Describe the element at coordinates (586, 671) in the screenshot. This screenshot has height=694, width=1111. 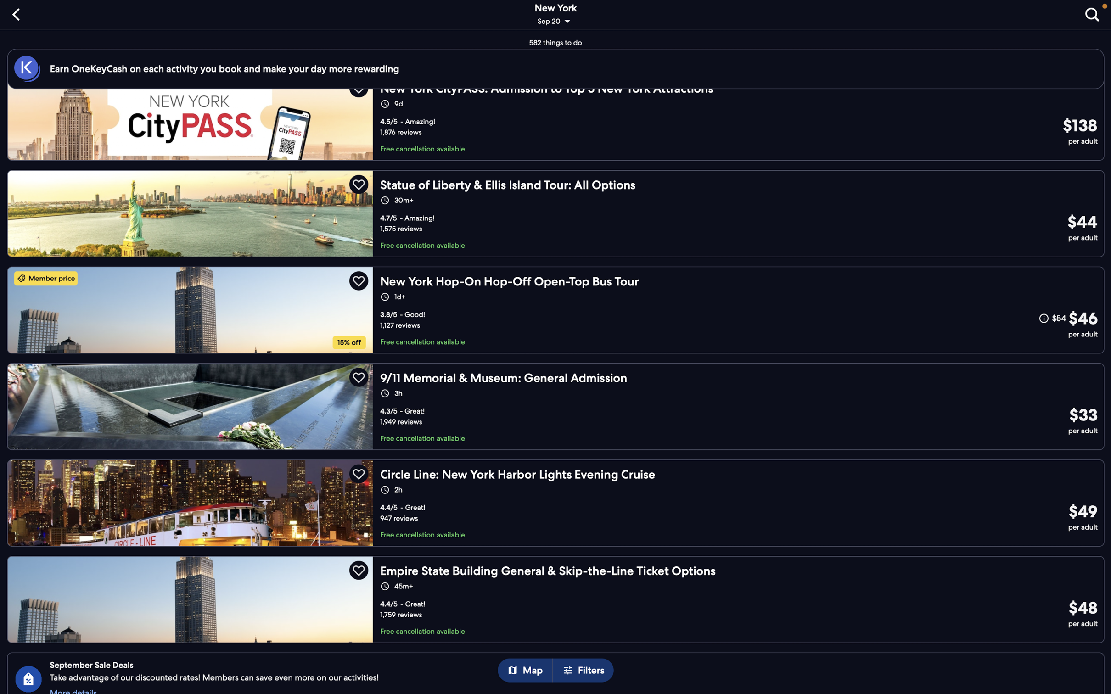
I see `"filters" button to specify your search requirements` at that location.